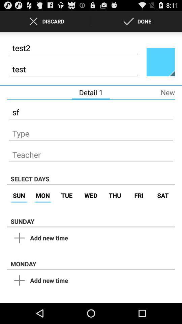  Describe the element at coordinates (91, 153) in the screenshot. I see `type name of teacher` at that location.